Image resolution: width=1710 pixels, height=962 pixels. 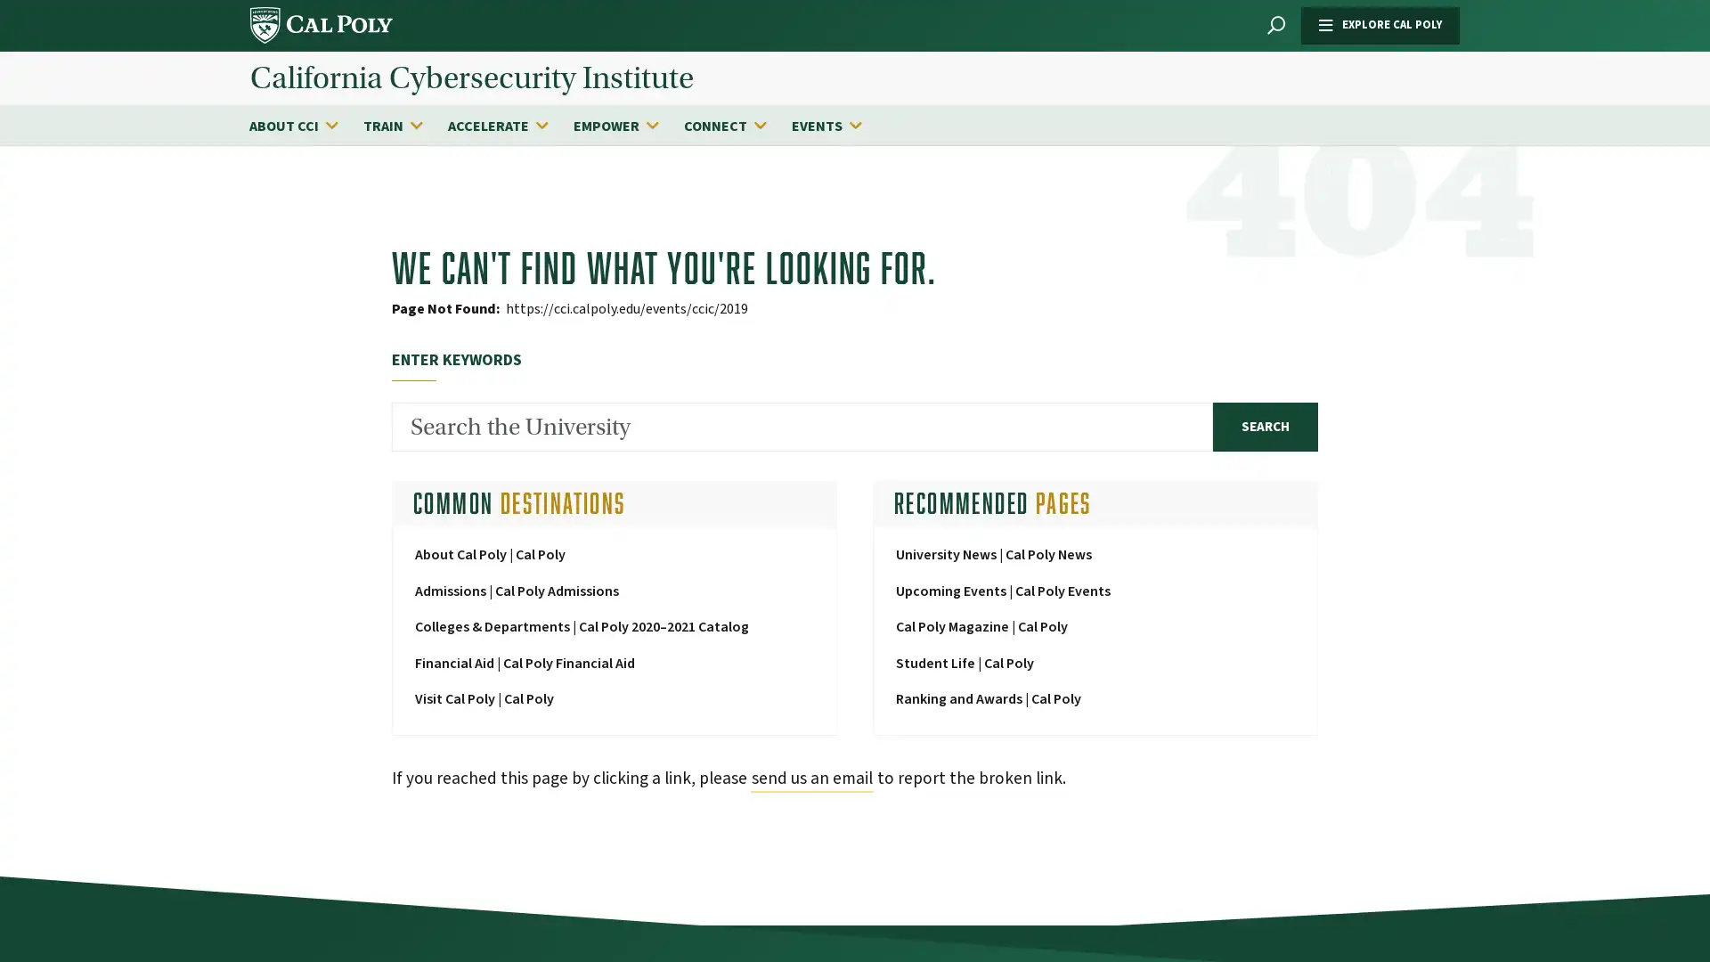 What do you see at coordinates (1275, 26) in the screenshot?
I see `Open Search Menu` at bounding box center [1275, 26].